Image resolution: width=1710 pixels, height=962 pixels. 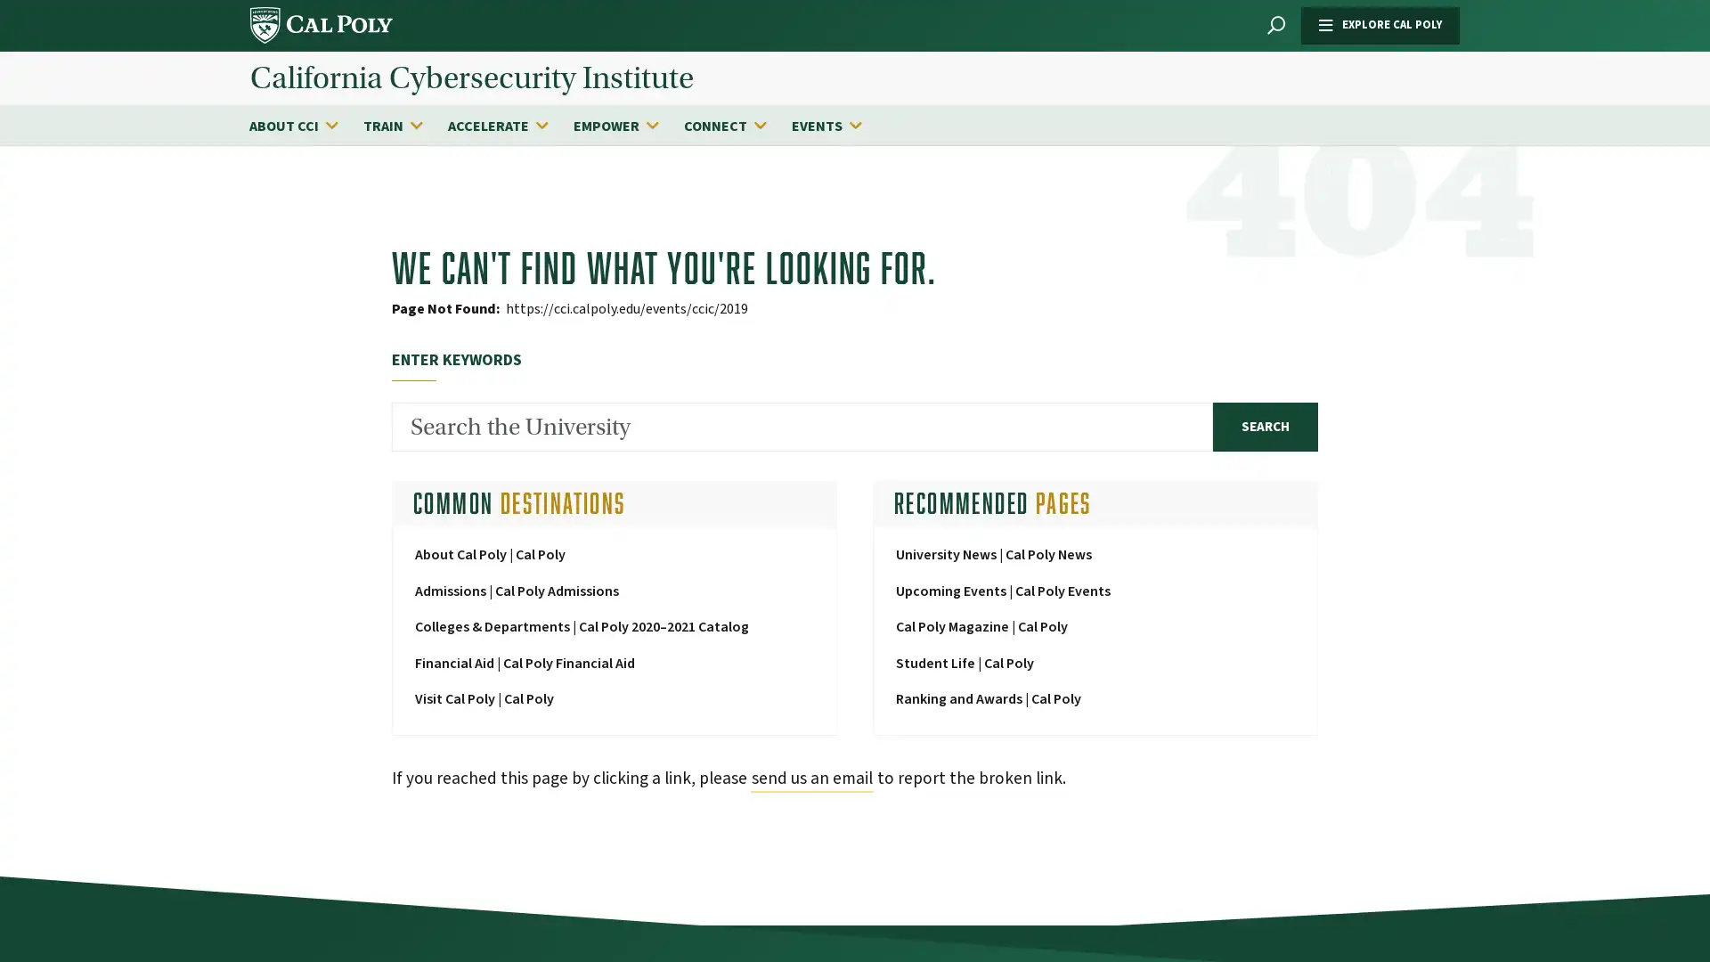 What do you see at coordinates (1275, 26) in the screenshot?
I see `Open Search Menu` at bounding box center [1275, 26].